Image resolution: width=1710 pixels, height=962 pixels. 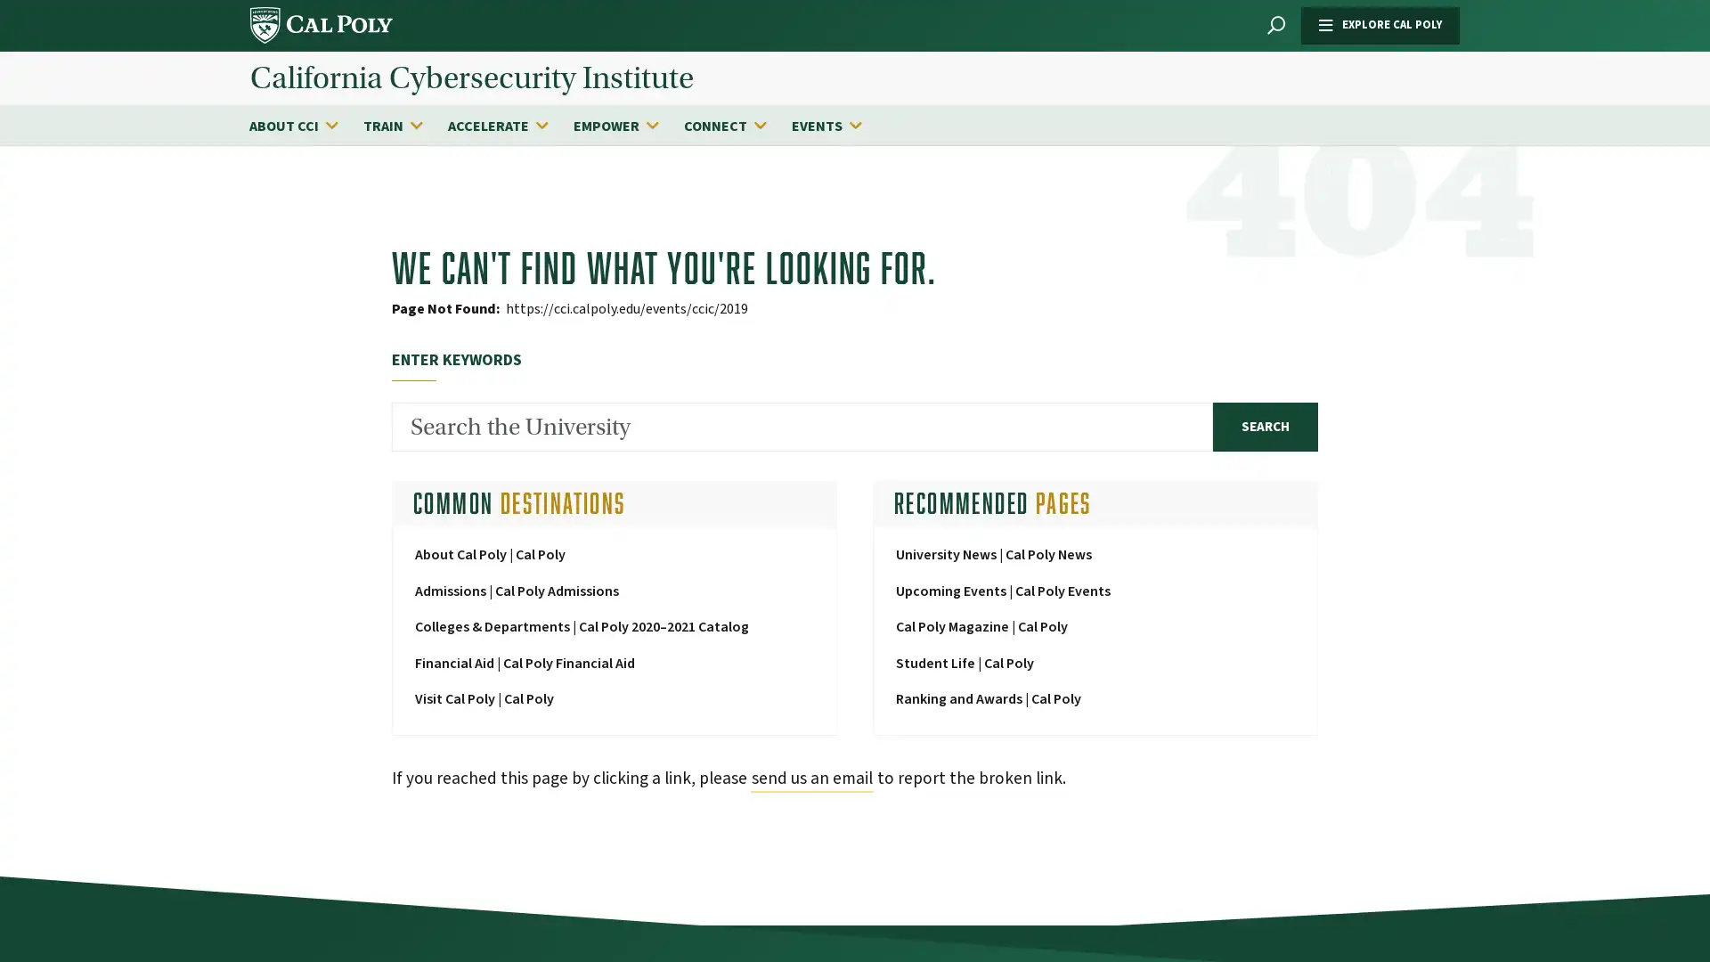 What do you see at coordinates (1275, 26) in the screenshot?
I see `Open Search Menu` at bounding box center [1275, 26].